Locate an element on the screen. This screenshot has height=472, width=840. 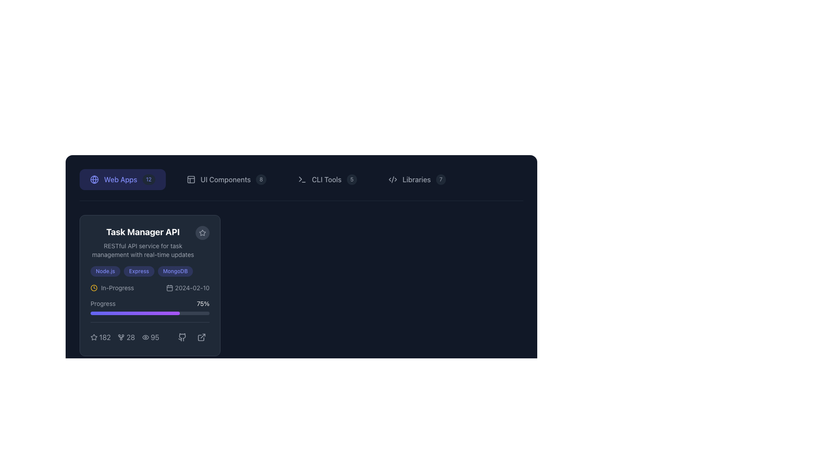
the interactive menu button for 'UI Components' located between the 'Web Apps' button and the 'CLI Tools' button is located at coordinates (226, 179).